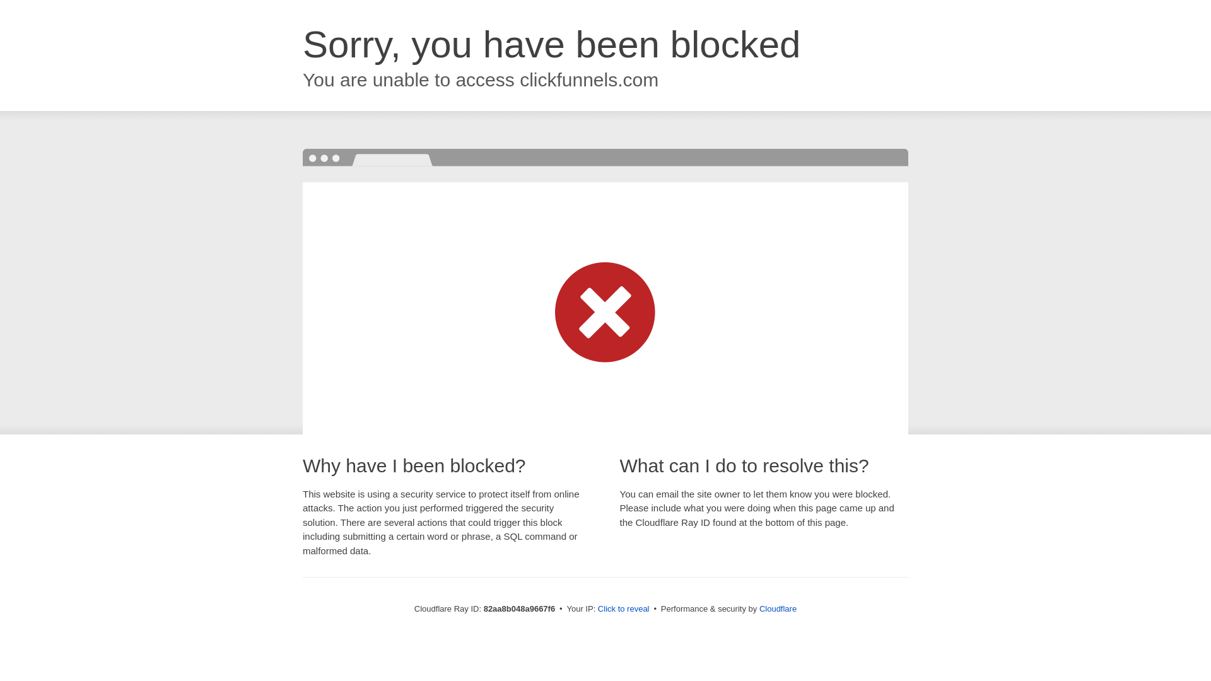  What do you see at coordinates (777, 608) in the screenshot?
I see `'Cloudflare'` at bounding box center [777, 608].